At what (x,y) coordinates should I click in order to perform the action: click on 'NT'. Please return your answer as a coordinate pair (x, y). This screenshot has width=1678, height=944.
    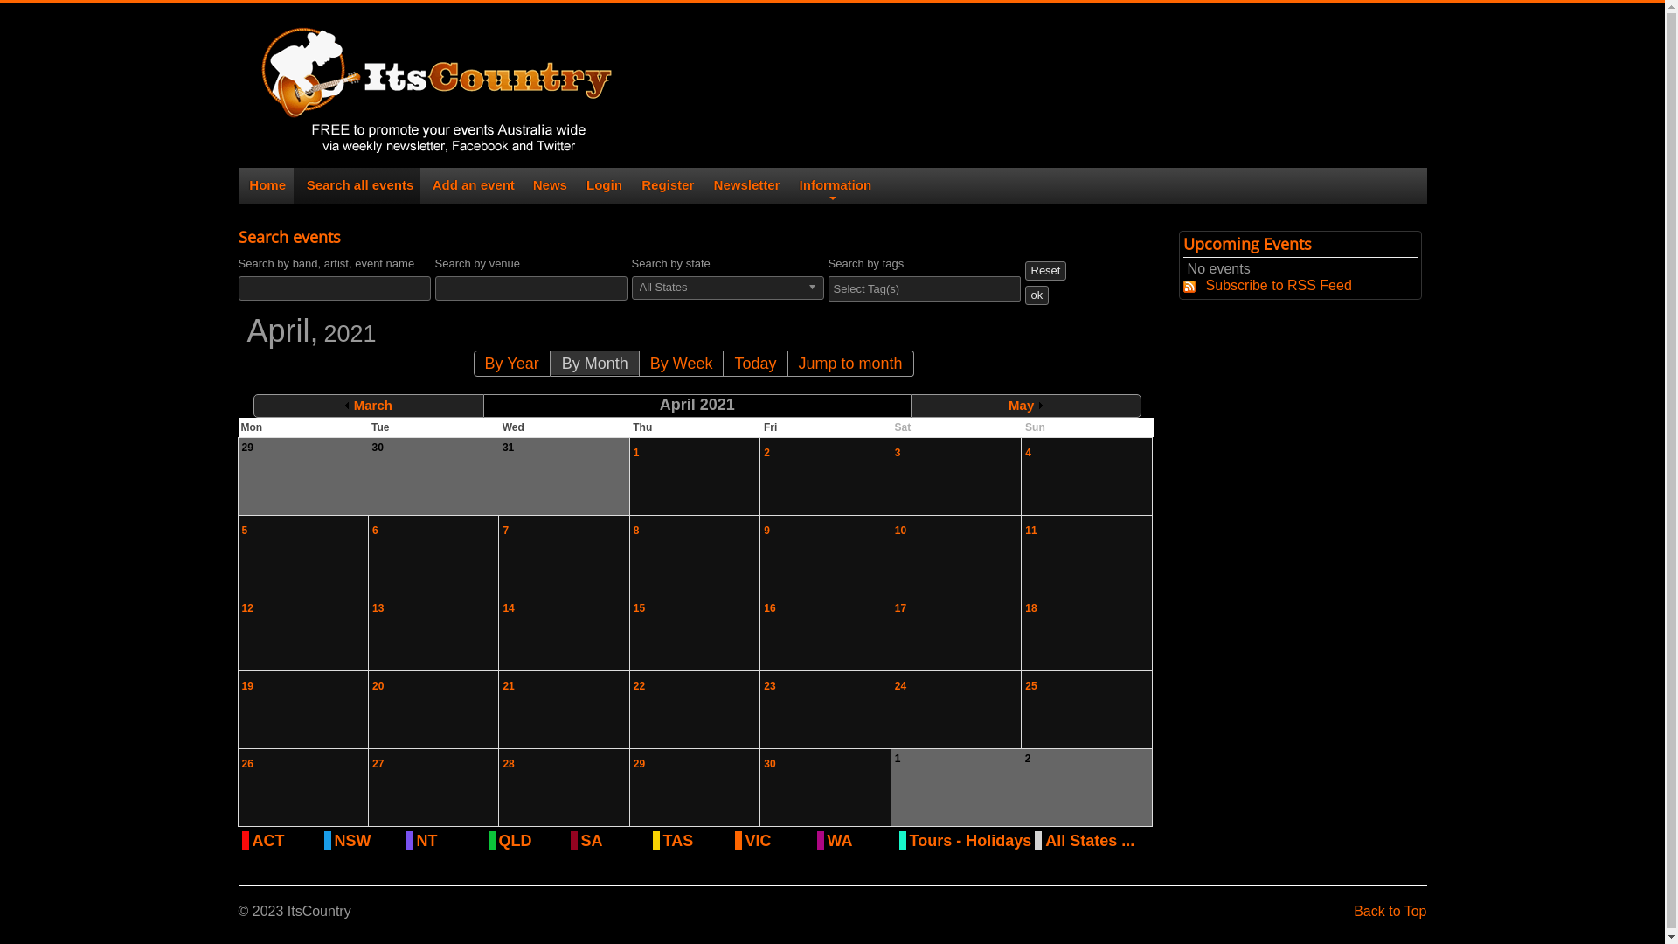
    Looking at the image, I should click on (449, 839).